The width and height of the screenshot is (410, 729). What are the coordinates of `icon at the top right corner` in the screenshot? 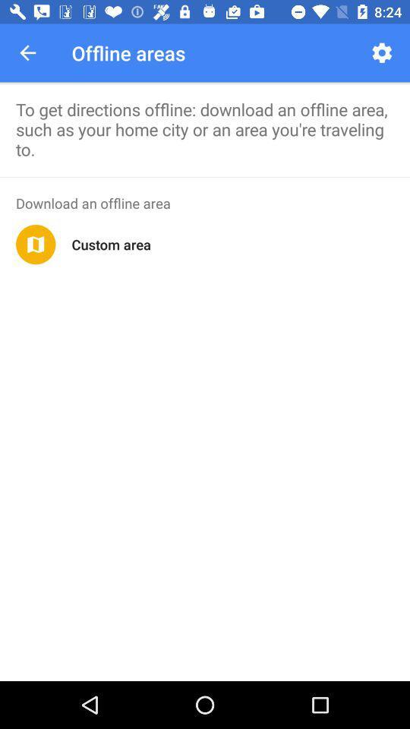 It's located at (381, 52).